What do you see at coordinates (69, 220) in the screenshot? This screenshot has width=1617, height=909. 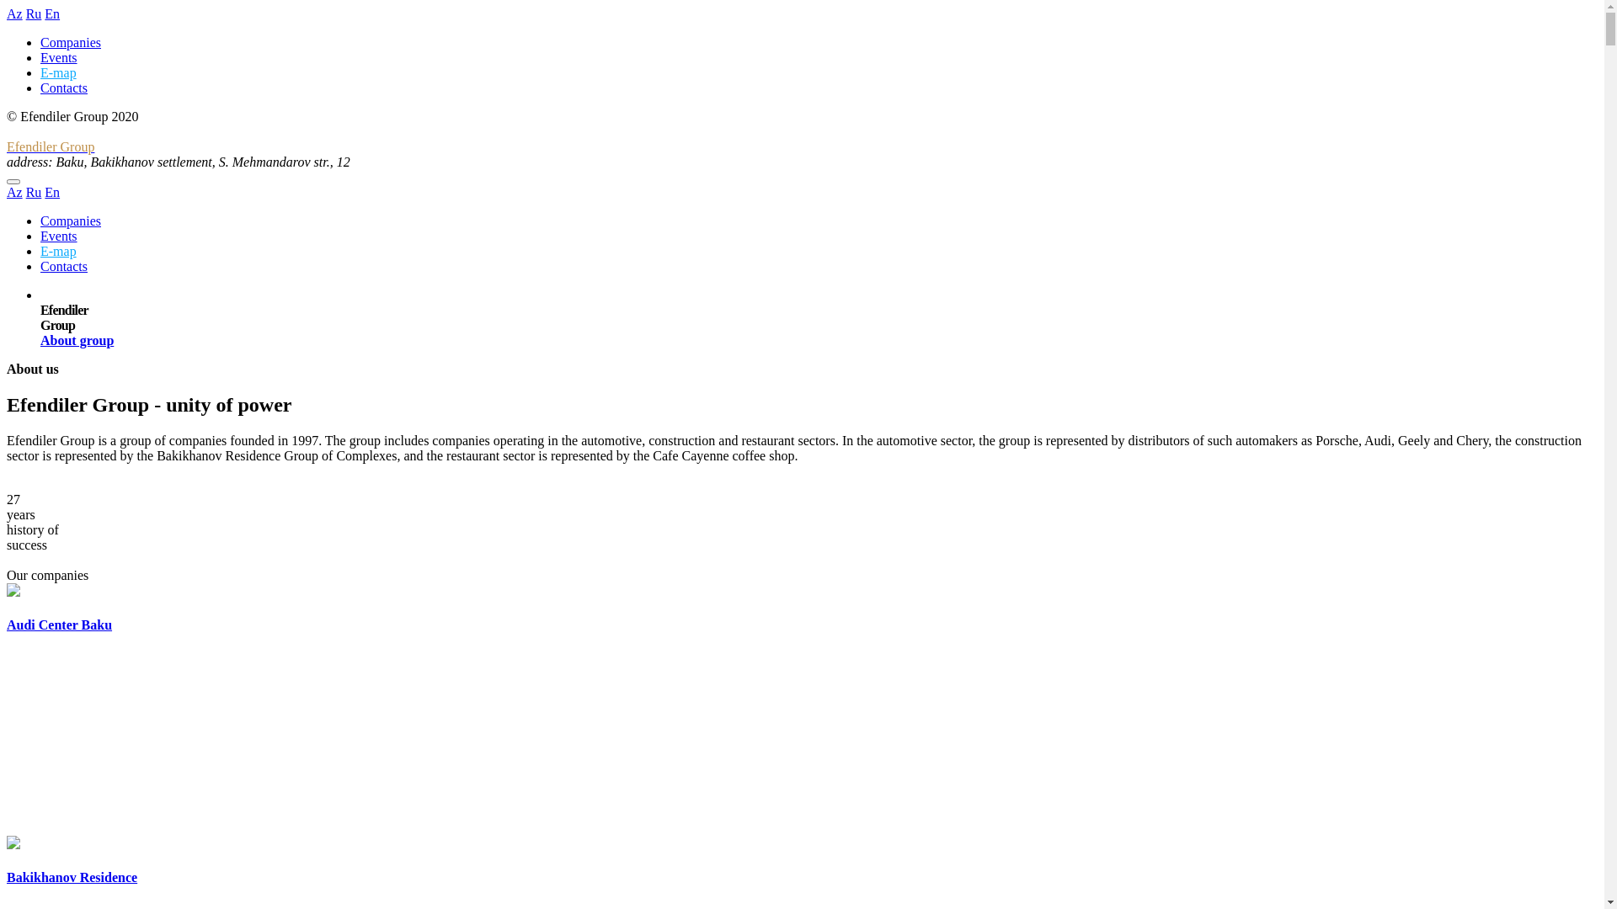 I see `'Companies'` at bounding box center [69, 220].